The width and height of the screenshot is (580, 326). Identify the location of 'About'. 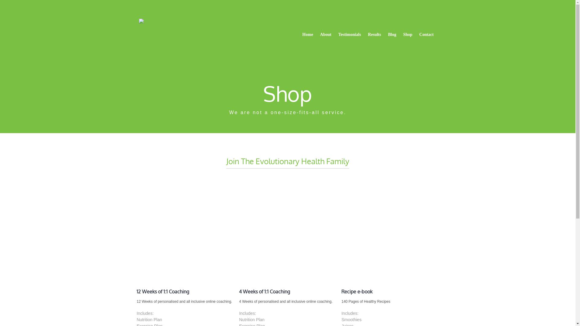
(317, 35).